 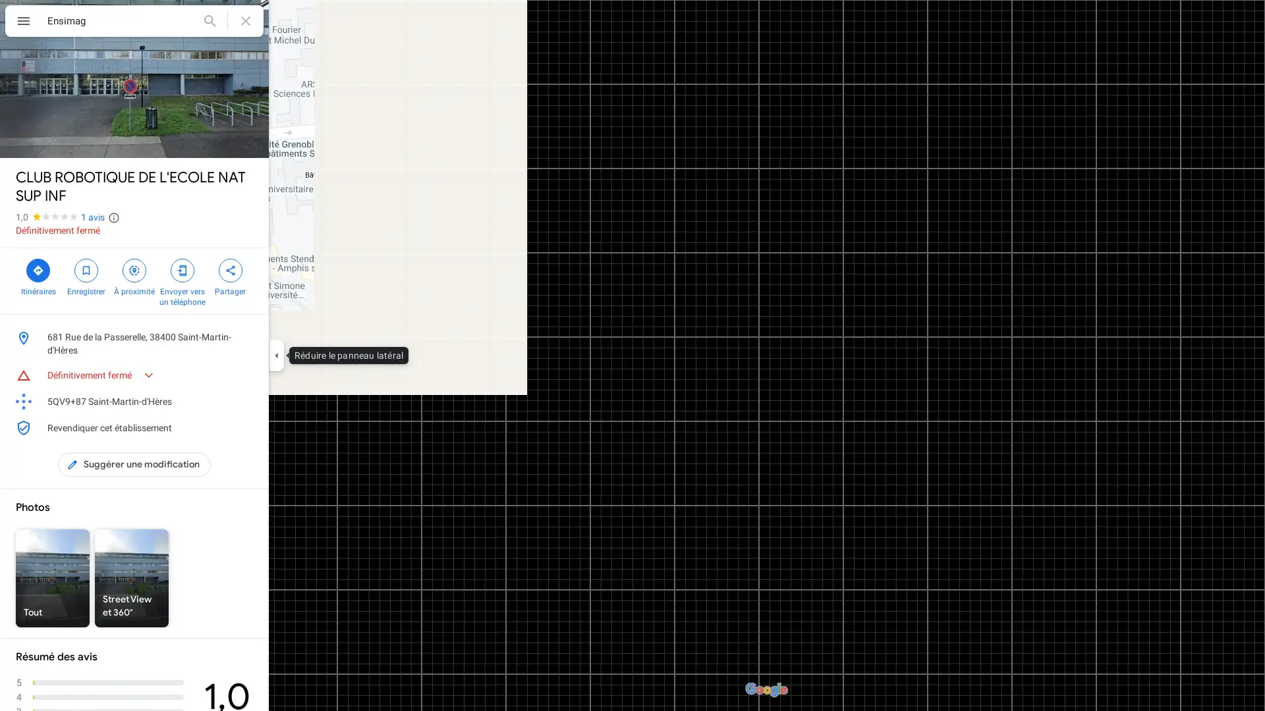 What do you see at coordinates (113, 217) in the screenshot?
I see `En savoir plus sur la mention legale concernant les avis publics sur Google Maps` at bounding box center [113, 217].